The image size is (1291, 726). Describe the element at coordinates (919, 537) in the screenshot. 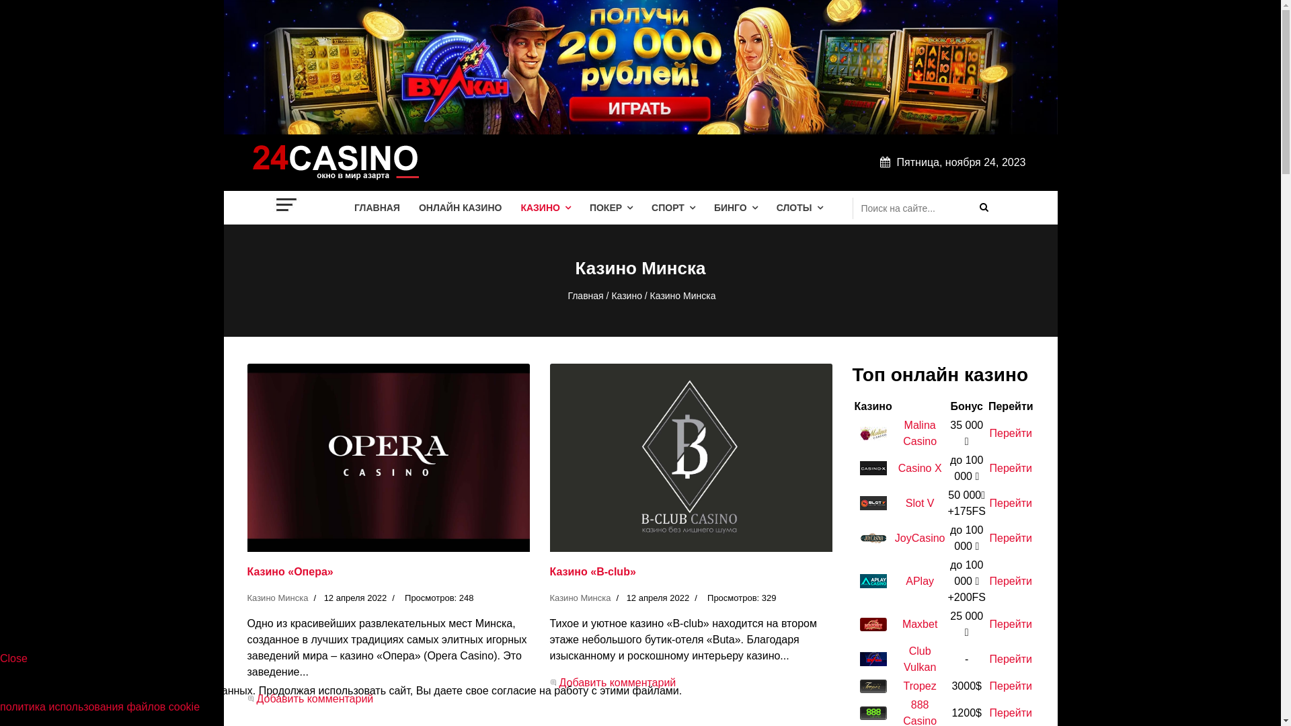

I see `'JoyCasino'` at that location.